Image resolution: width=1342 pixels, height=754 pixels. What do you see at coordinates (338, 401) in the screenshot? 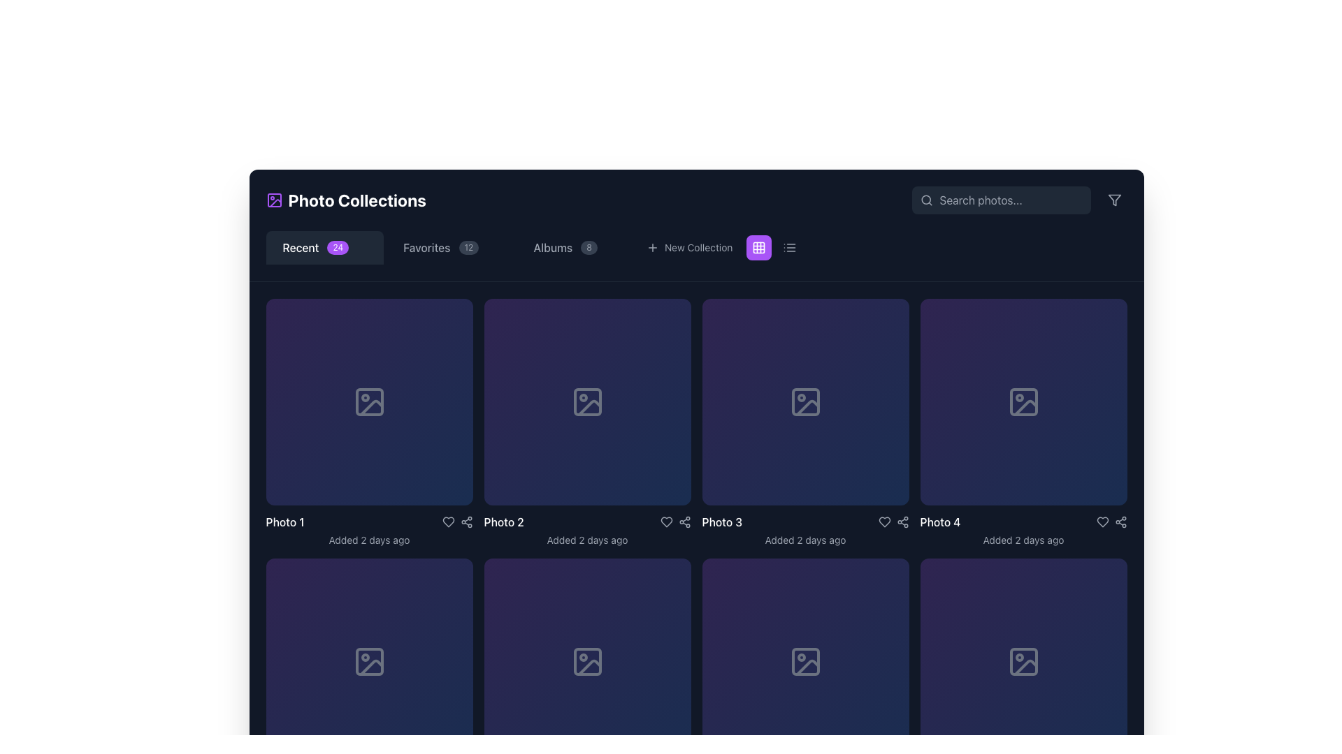
I see `the action button located at the bottom-left corner of the first card in the grid of photo previews` at bounding box center [338, 401].